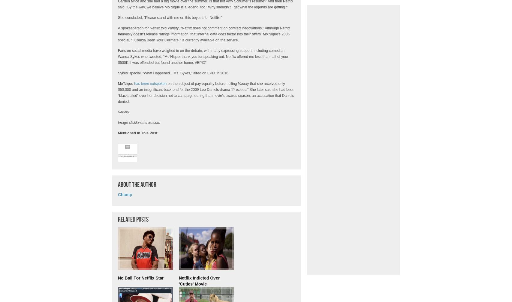 The height and width of the screenshot is (302, 512). I want to click on 'Champ', so click(125, 194).